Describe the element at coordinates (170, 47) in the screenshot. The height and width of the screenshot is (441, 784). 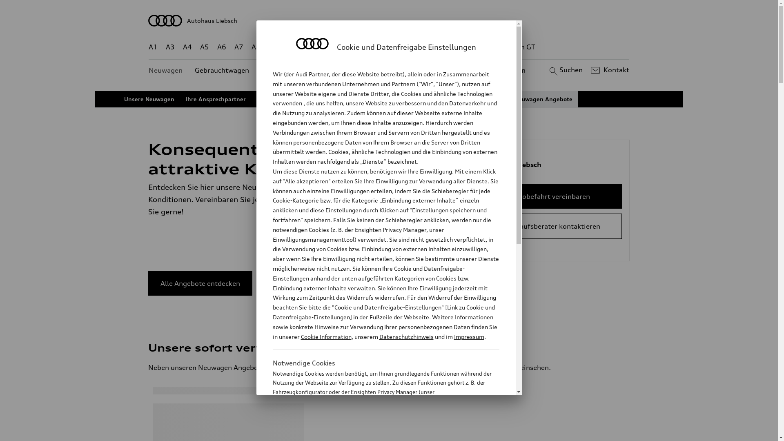
I see `'A3'` at that location.